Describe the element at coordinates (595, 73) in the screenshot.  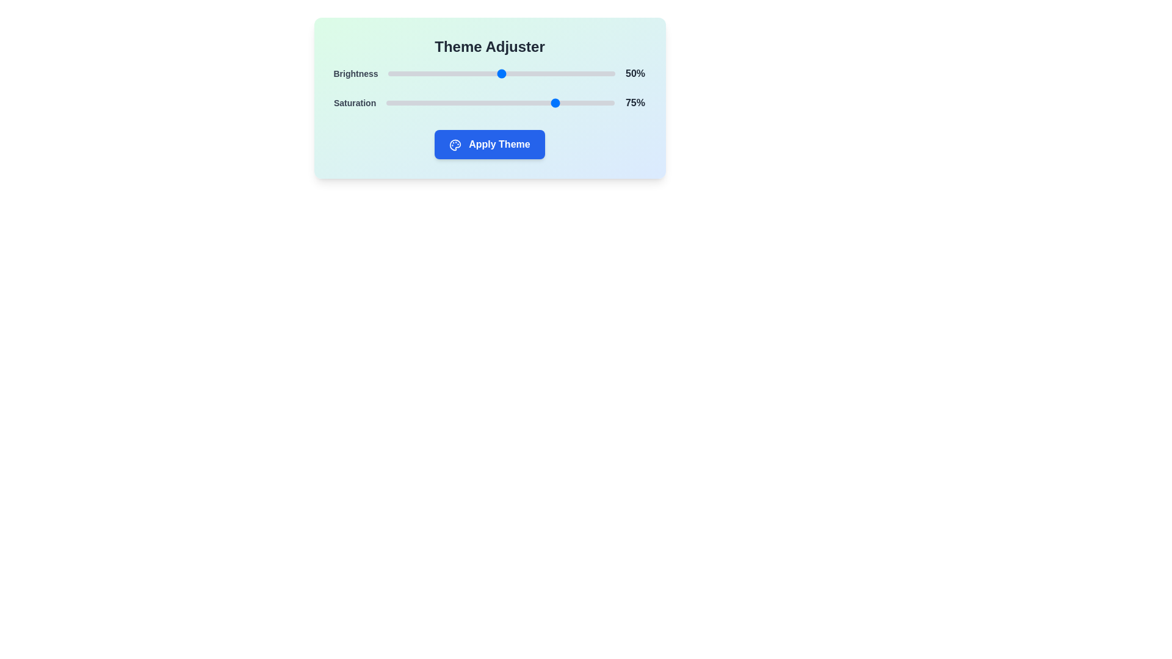
I see `the brightness slider to 91%` at that location.